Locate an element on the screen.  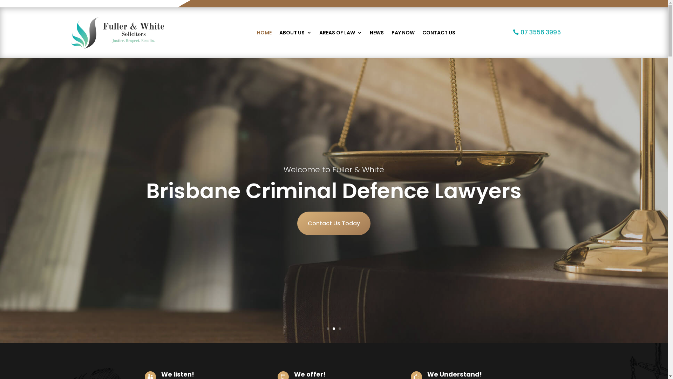
'HOME' is located at coordinates (264, 33).